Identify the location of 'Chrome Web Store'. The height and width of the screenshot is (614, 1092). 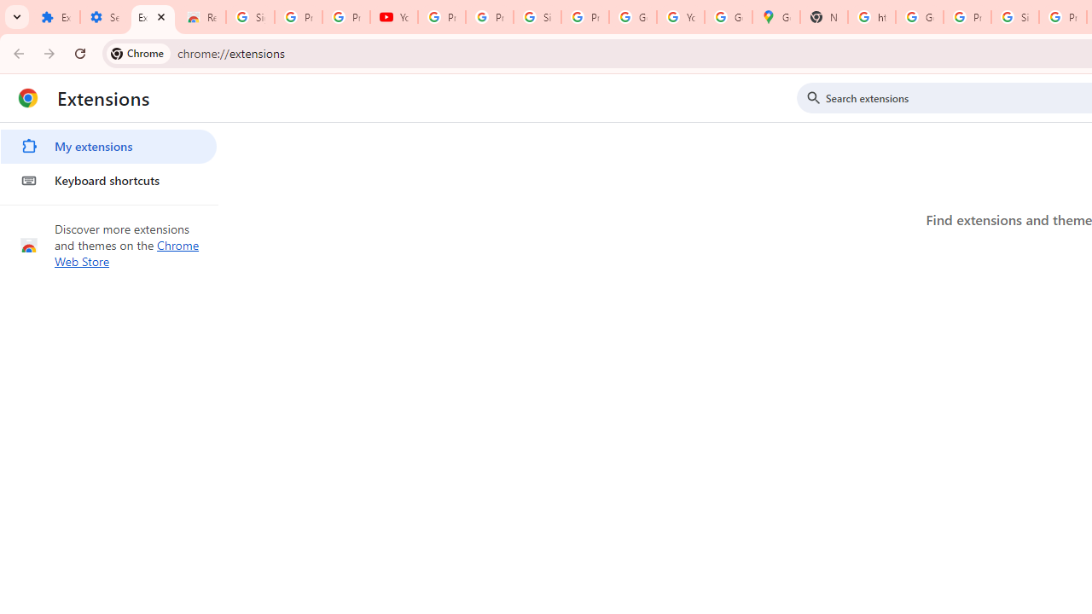
(126, 253).